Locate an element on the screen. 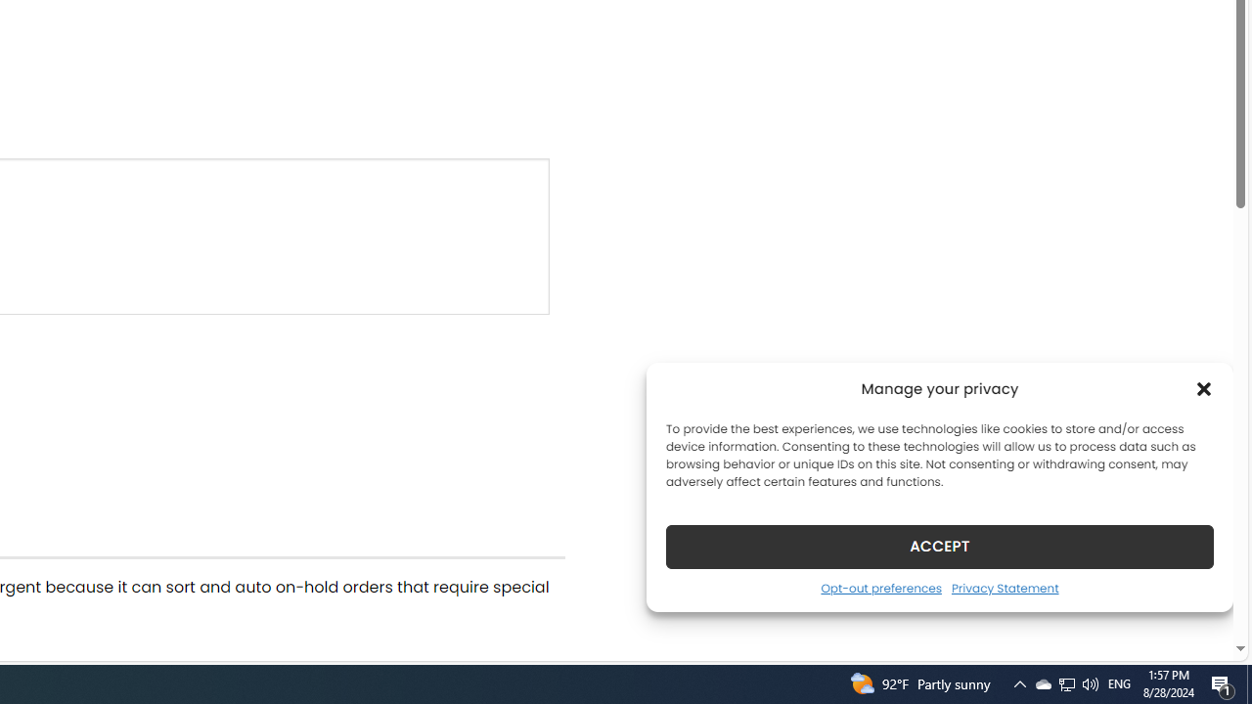 The height and width of the screenshot is (704, 1252). 'Opt-out preferences' is located at coordinates (879, 587).